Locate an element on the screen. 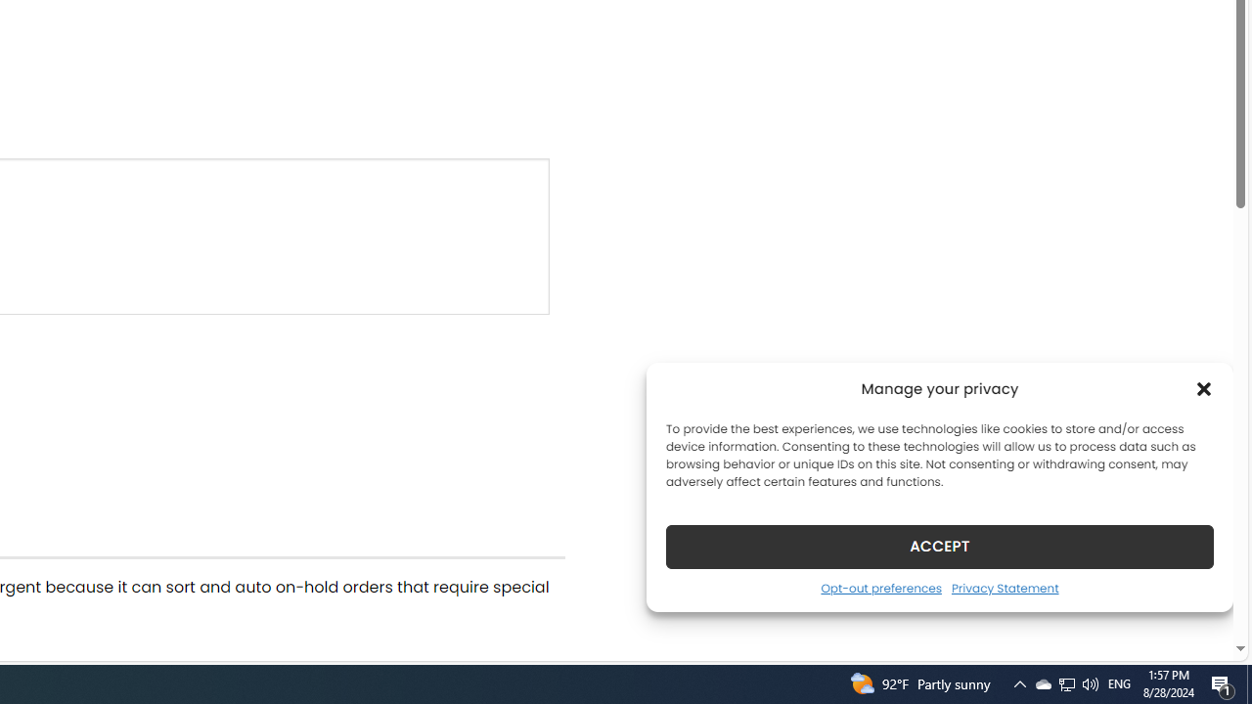 The height and width of the screenshot is (704, 1252). 'Opt-out preferences' is located at coordinates (879, 587).